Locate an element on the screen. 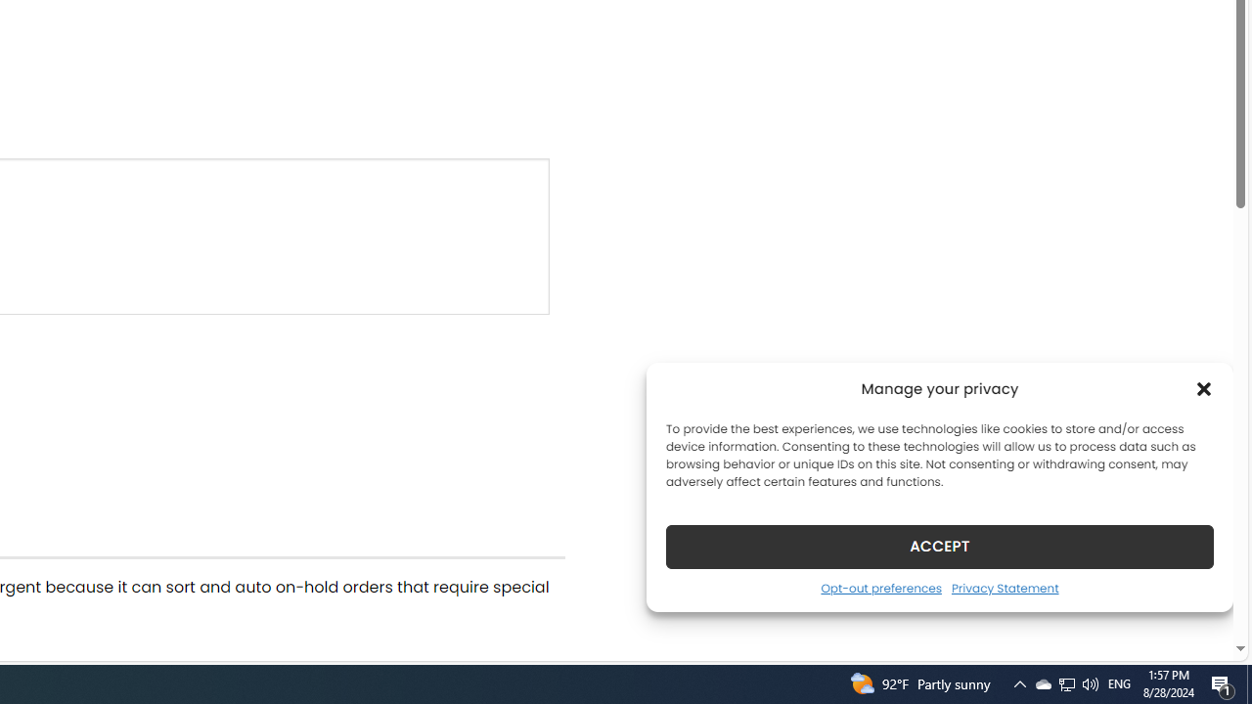 The height and width of the screenshot is (704, 1252). 'Opt-out preferences' is located at coordinates (879, 587).